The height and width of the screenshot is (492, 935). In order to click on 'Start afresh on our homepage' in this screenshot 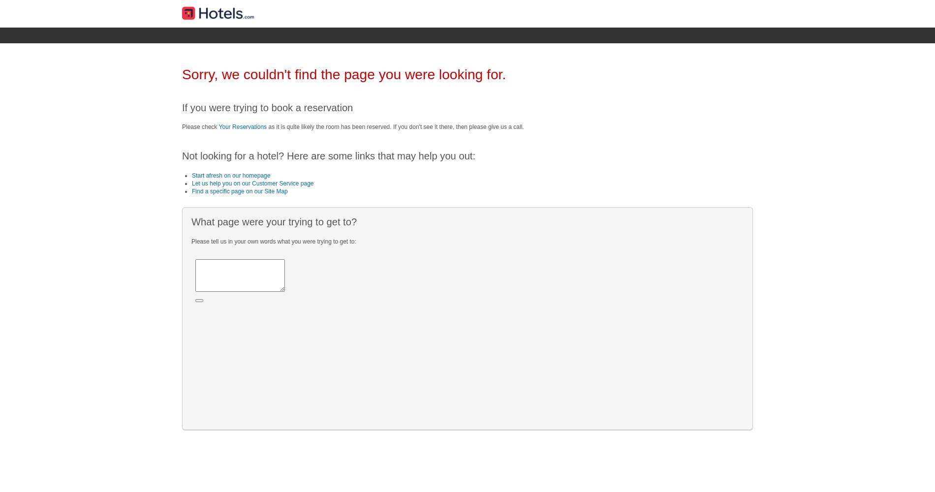, I will do `click(230, 175)`.